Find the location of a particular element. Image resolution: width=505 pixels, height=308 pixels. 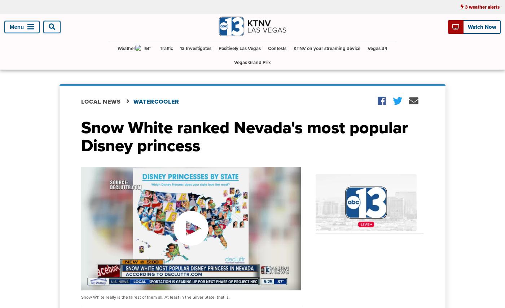

'Watch Now' is located at coordinates (481, 26).